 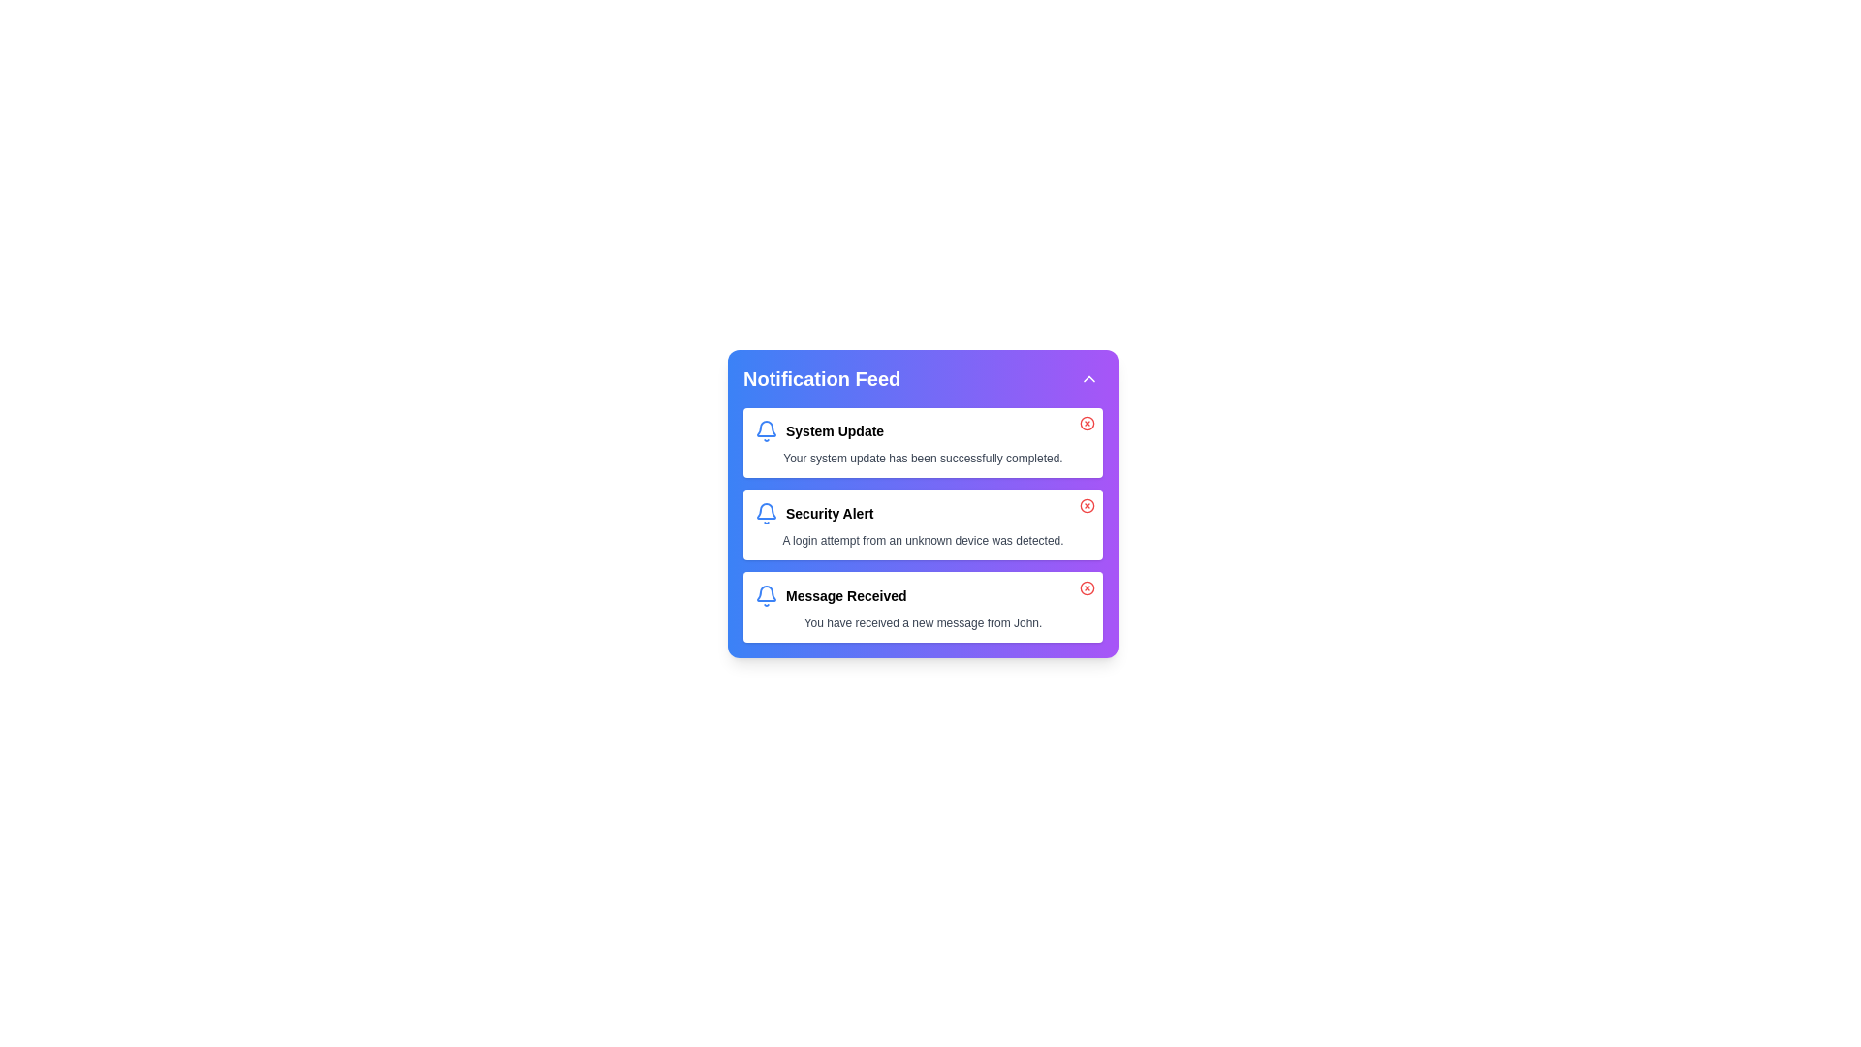 What do you see at coordinates (922, 503) in the screenshot?
I see `the 'Security Alert' notification card` at bounding box center [922, 503].